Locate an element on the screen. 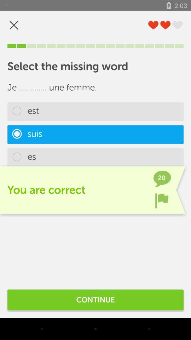 This screenshot has height=340, width=191. suis item is located at coordinates (95, 134).